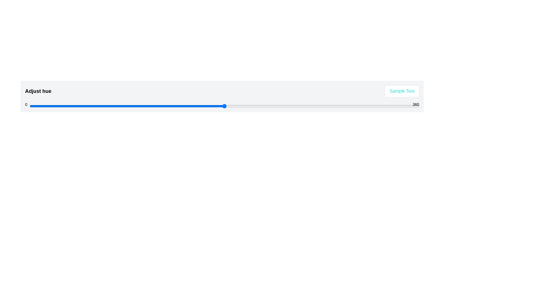 The height and width of the screenshot is (305, 542). I want to click on the hue slider to a value of 67, so click(102, 106).